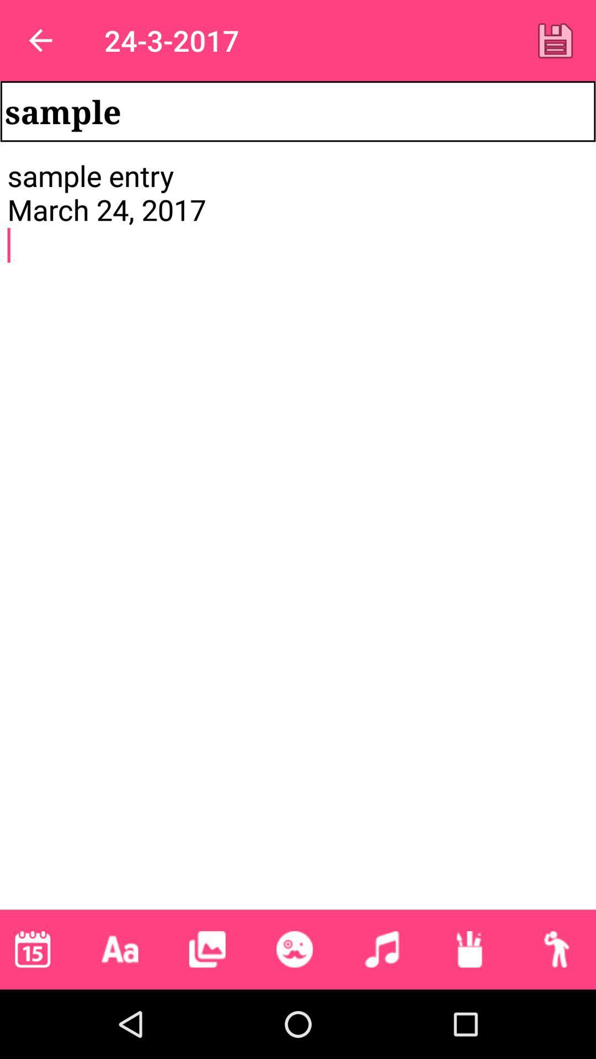 The width and height of the screenshot is (596, 1059). What do you see at coordinates (469, 949) in the screenshot?
I see `pen style` at bounding box center [469, 949].